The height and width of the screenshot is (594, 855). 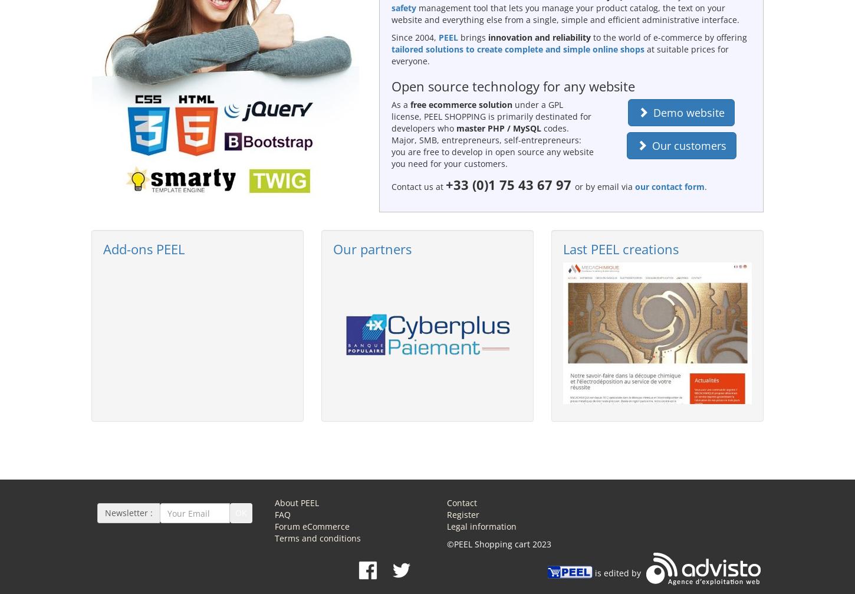 What do you see at coordinates (603, 186) in the screenshot?
I see `'or by email via'` at bounding box center [603, 186].